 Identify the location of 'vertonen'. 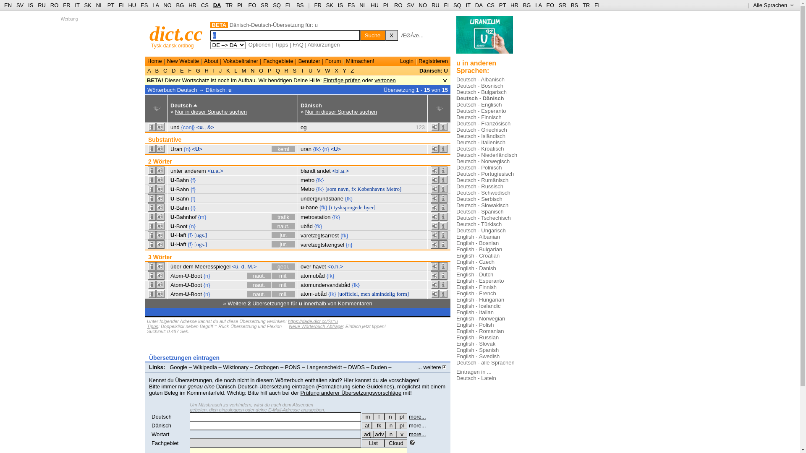
(385, 80).